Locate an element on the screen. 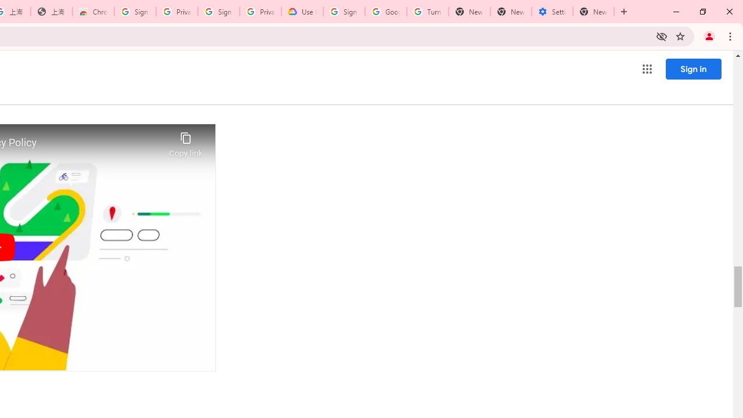  'Settings - System' is located at coordinates (551, 12).